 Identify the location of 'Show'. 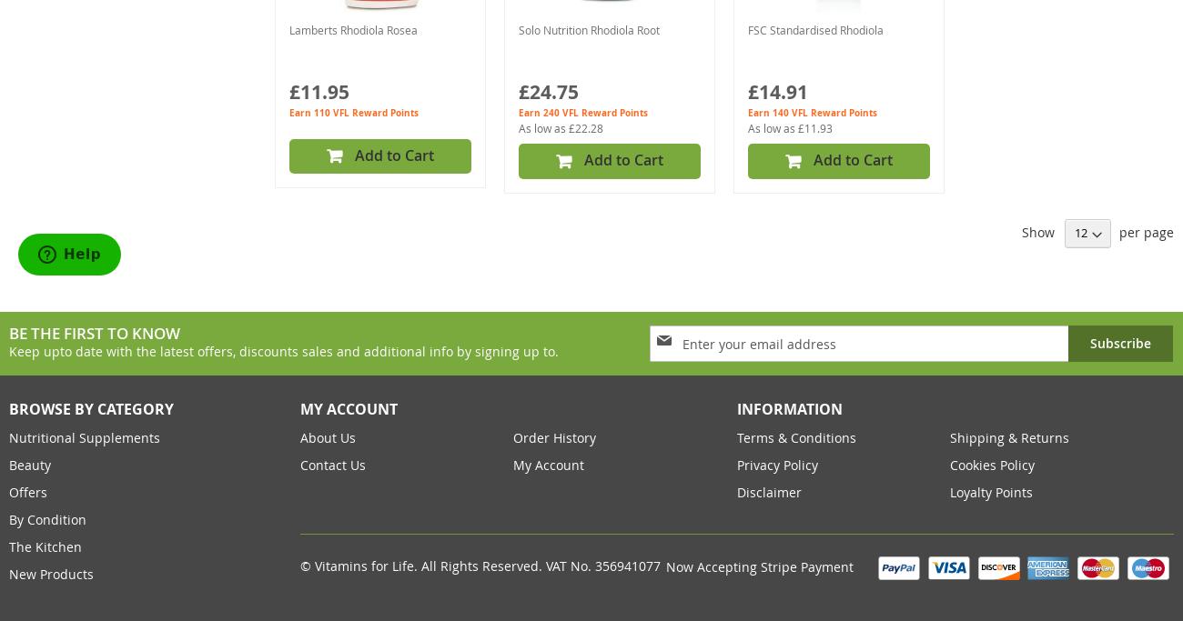
(1038, 231).